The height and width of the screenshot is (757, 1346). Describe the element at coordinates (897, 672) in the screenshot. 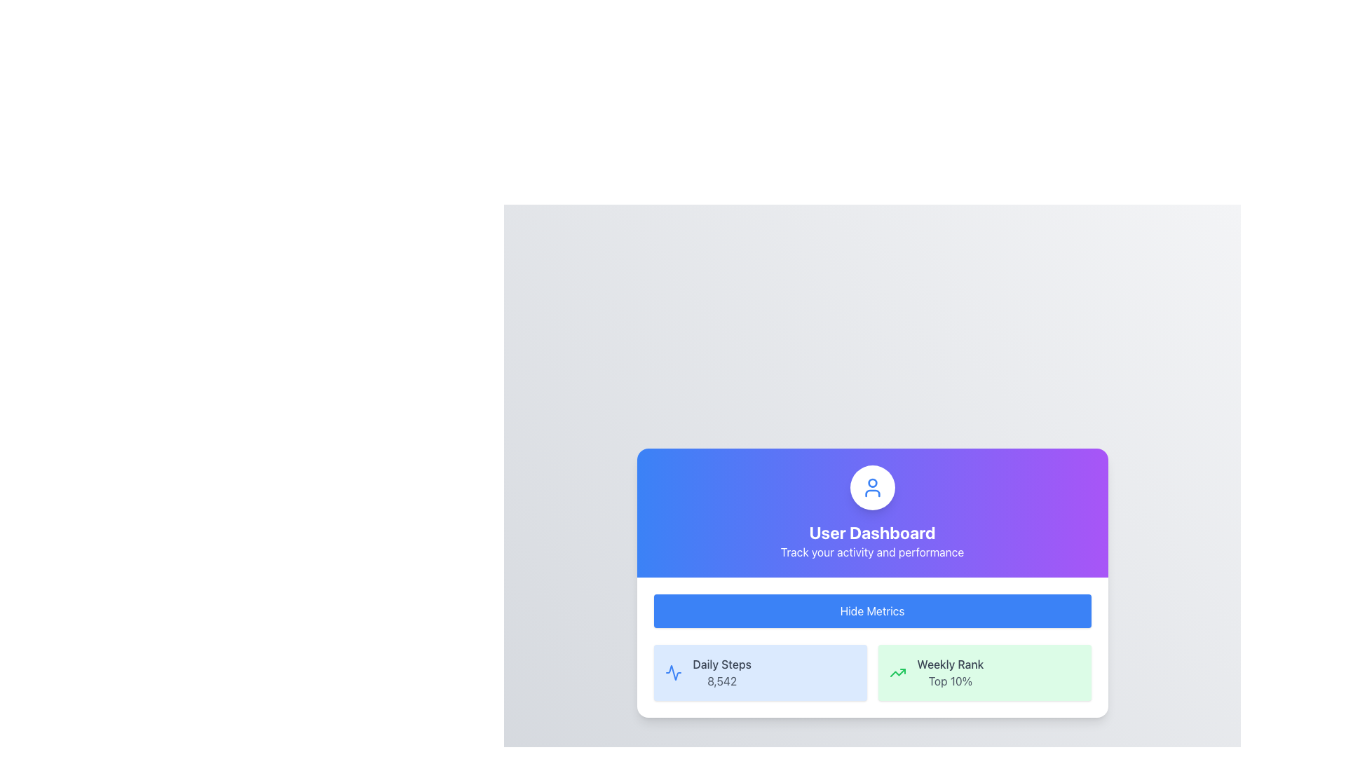

I see `the icon representing rank improvement, located in the top-left corner of the 'Weekly Rank' section of the User Dashboard` at that location.